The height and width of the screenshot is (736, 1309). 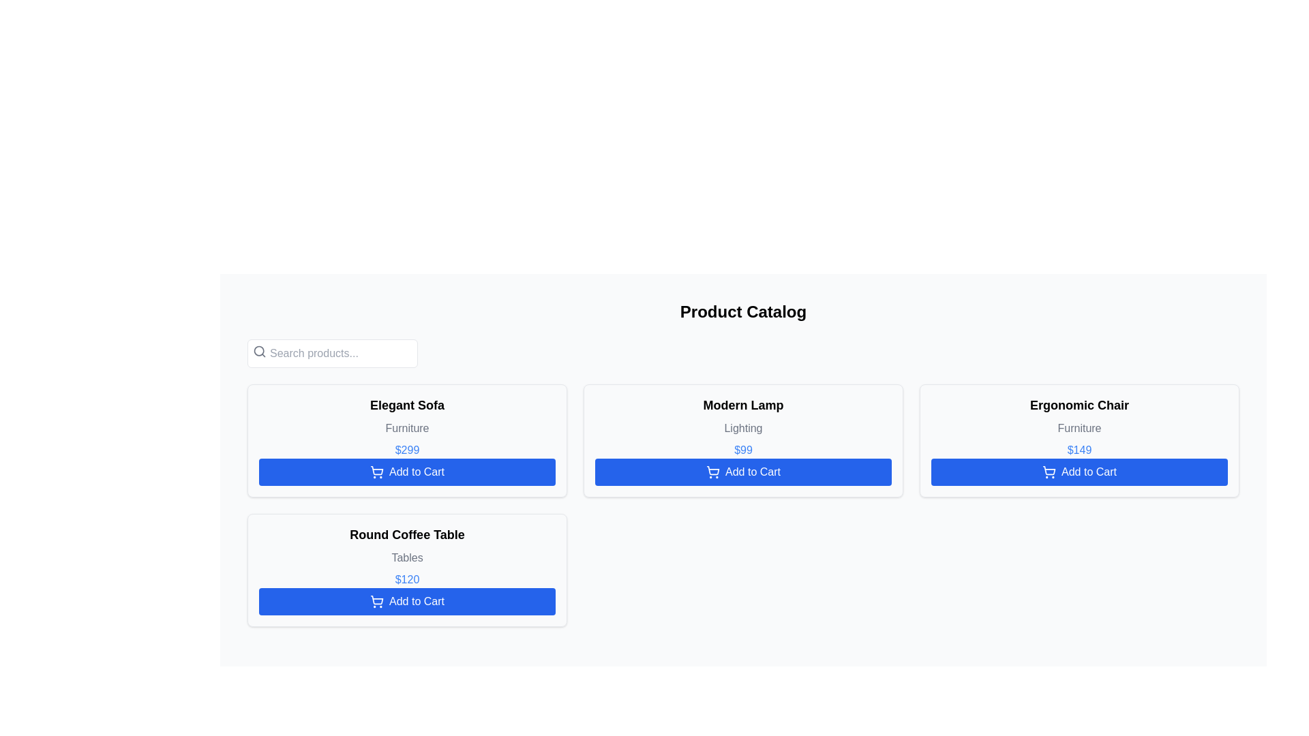 I want to click on the 'Add to Cart' button located at the bottom of the 'Round Coffee Table' card, so click(x=406, y=601).